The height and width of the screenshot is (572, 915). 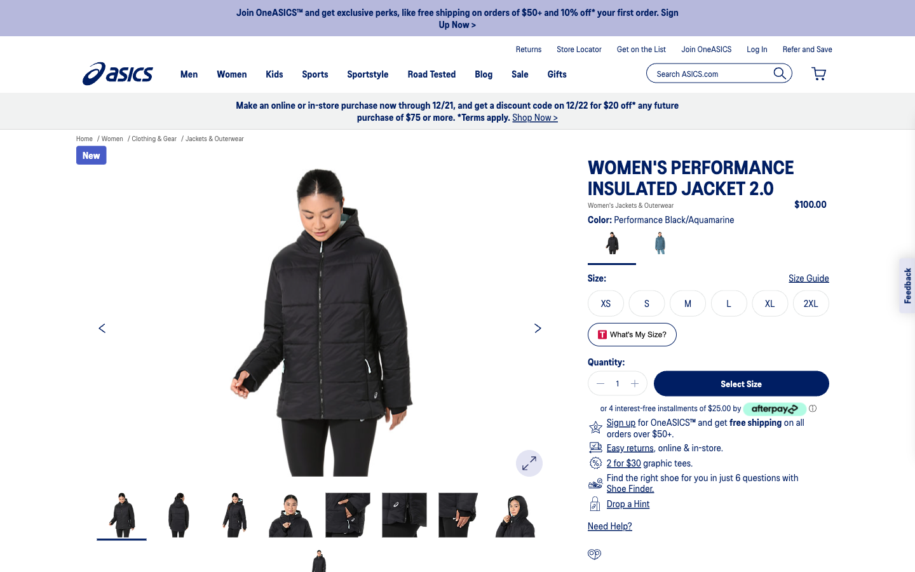 What do you see at coordinates (660, 245) in the screenshot?
I see `the color aquamarine, select the size M, progress to subsequent images` at bounding box center [660, 245].